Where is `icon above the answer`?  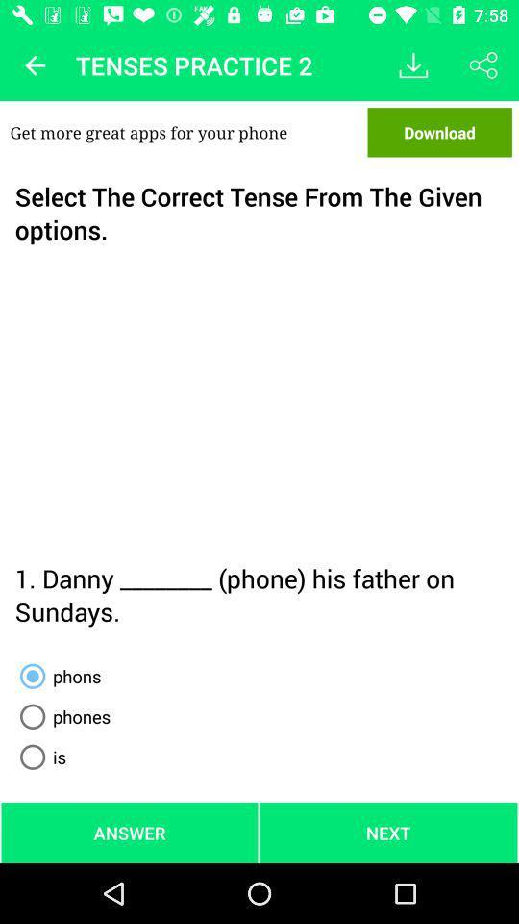
icon above the answer is located at coordinates (39, 757).